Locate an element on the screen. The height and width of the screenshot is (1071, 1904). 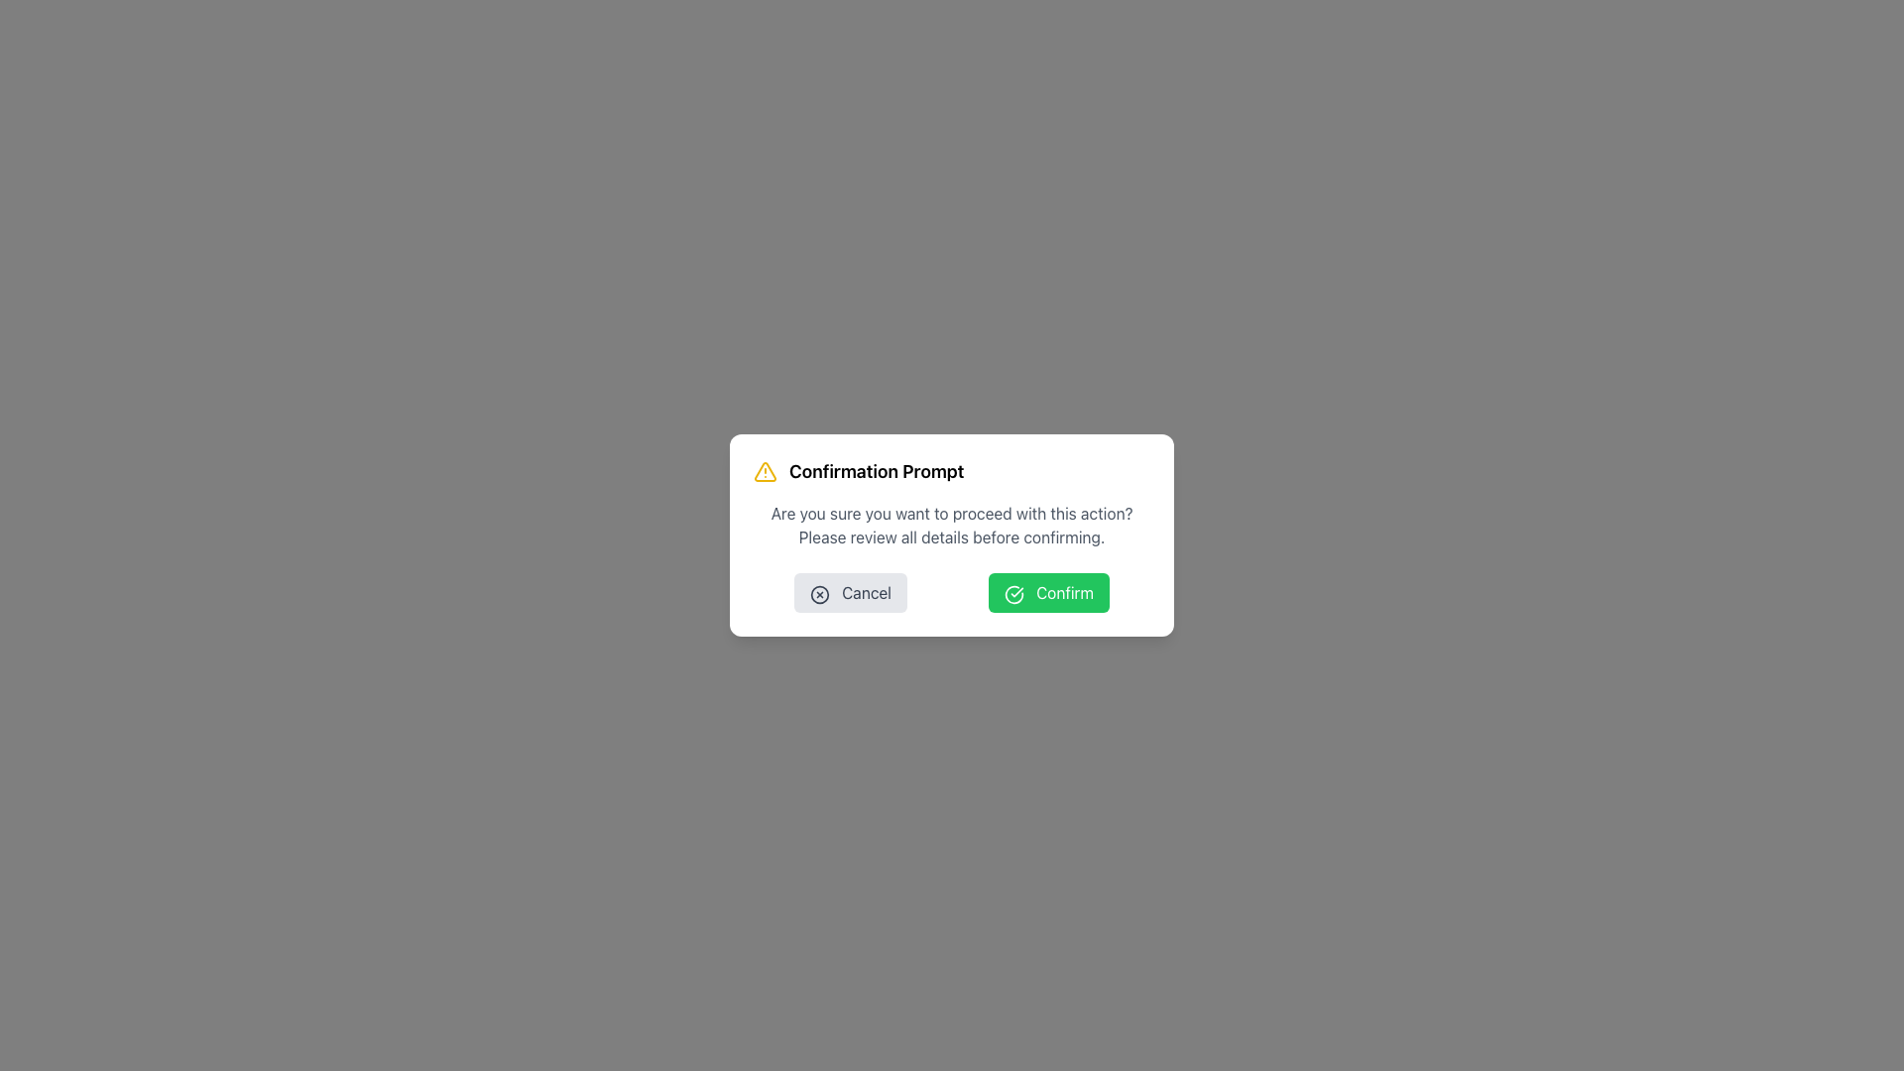
the confirmation icon located to the left of the 'Confirm' text within the green 'Confirm' button at the bottom-right of the modal dialog box is located at coordinates (1013, 593).